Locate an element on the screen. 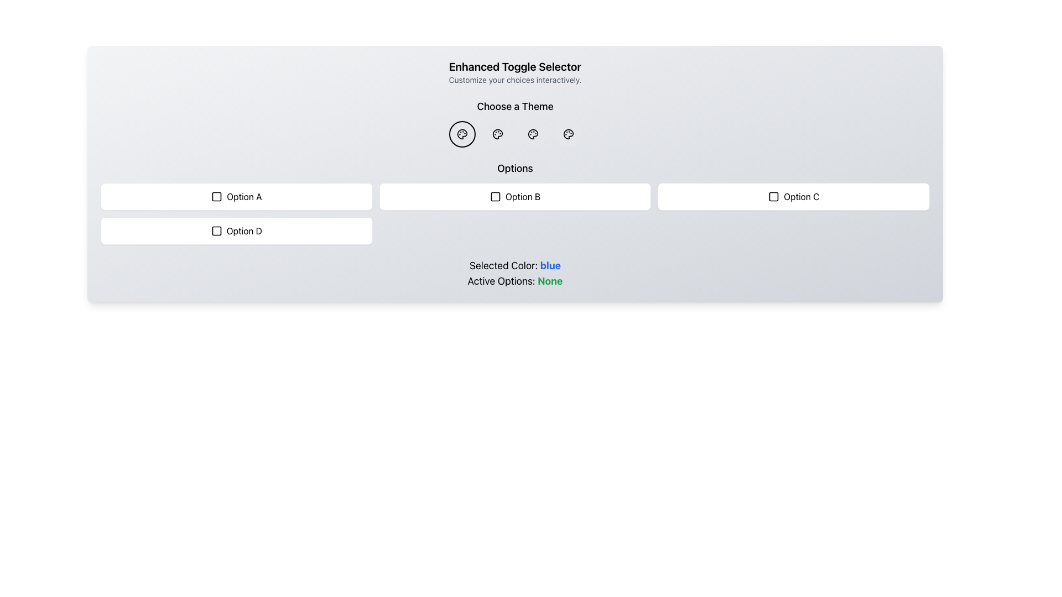 This screenshot has height=597, width=1062. the text label for 'Option B' which serves as a description for the accompanying checkbox is located at coordinates (522, 196).